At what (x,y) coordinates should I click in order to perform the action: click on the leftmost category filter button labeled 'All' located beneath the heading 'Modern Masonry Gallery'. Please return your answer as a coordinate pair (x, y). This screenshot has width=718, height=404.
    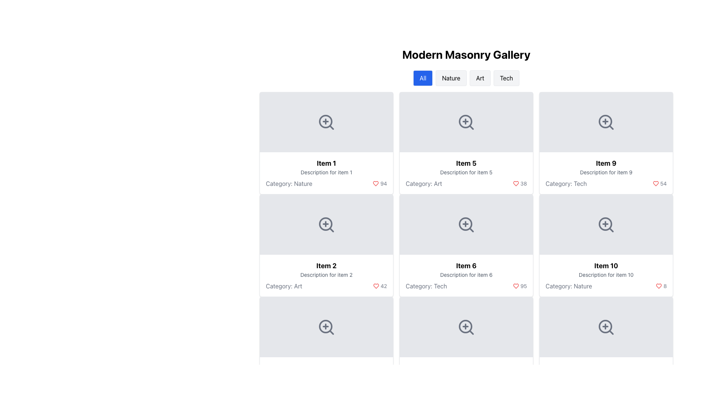
    Looking at the image, I should click on (423, 78).